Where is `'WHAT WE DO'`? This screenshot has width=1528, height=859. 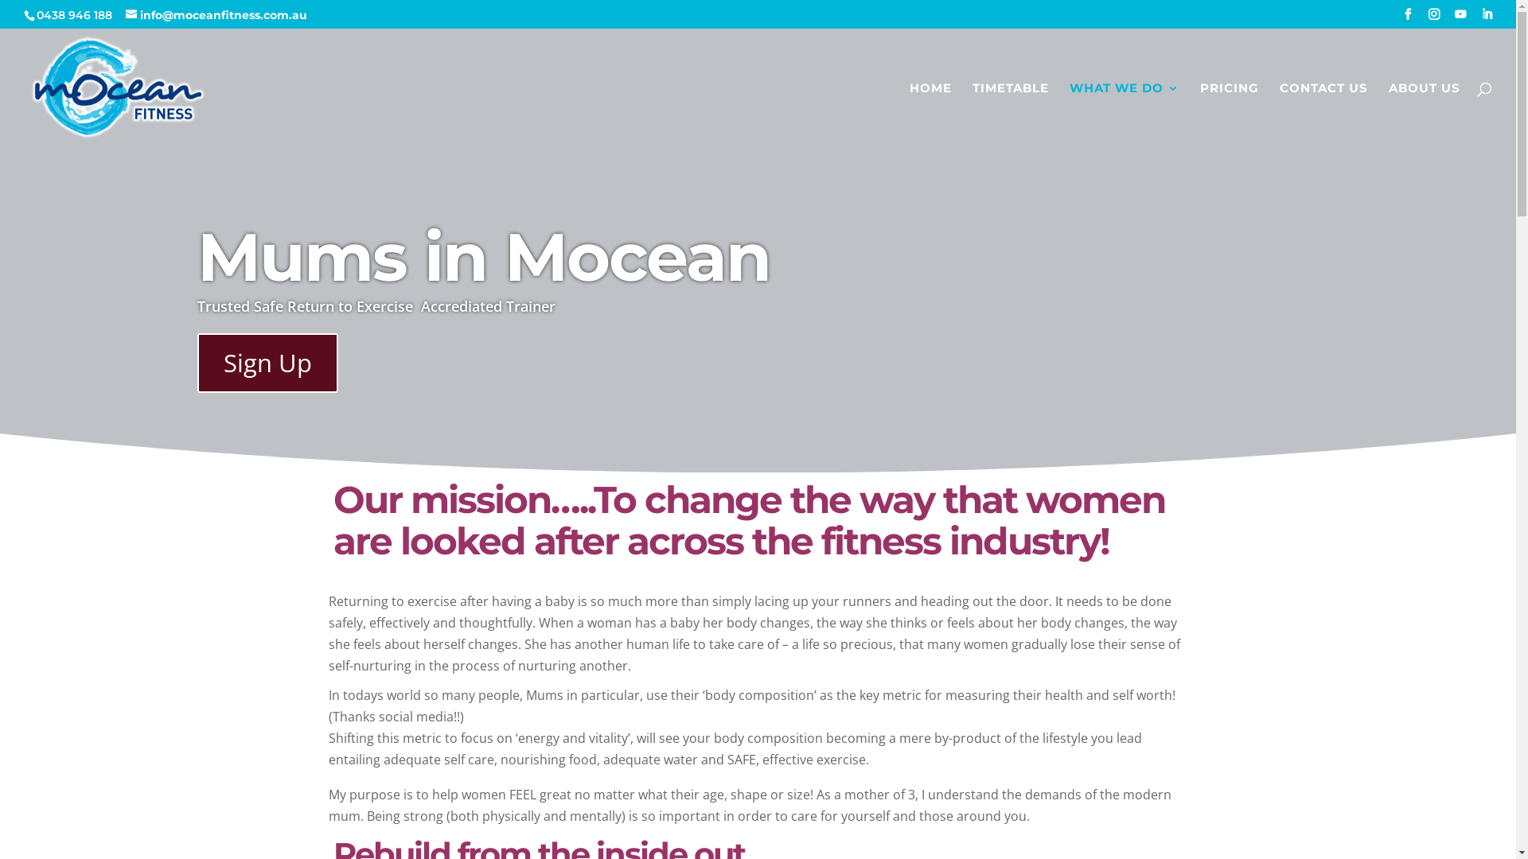 'WHAT WE DO' is located at coordinates (1123, 115).